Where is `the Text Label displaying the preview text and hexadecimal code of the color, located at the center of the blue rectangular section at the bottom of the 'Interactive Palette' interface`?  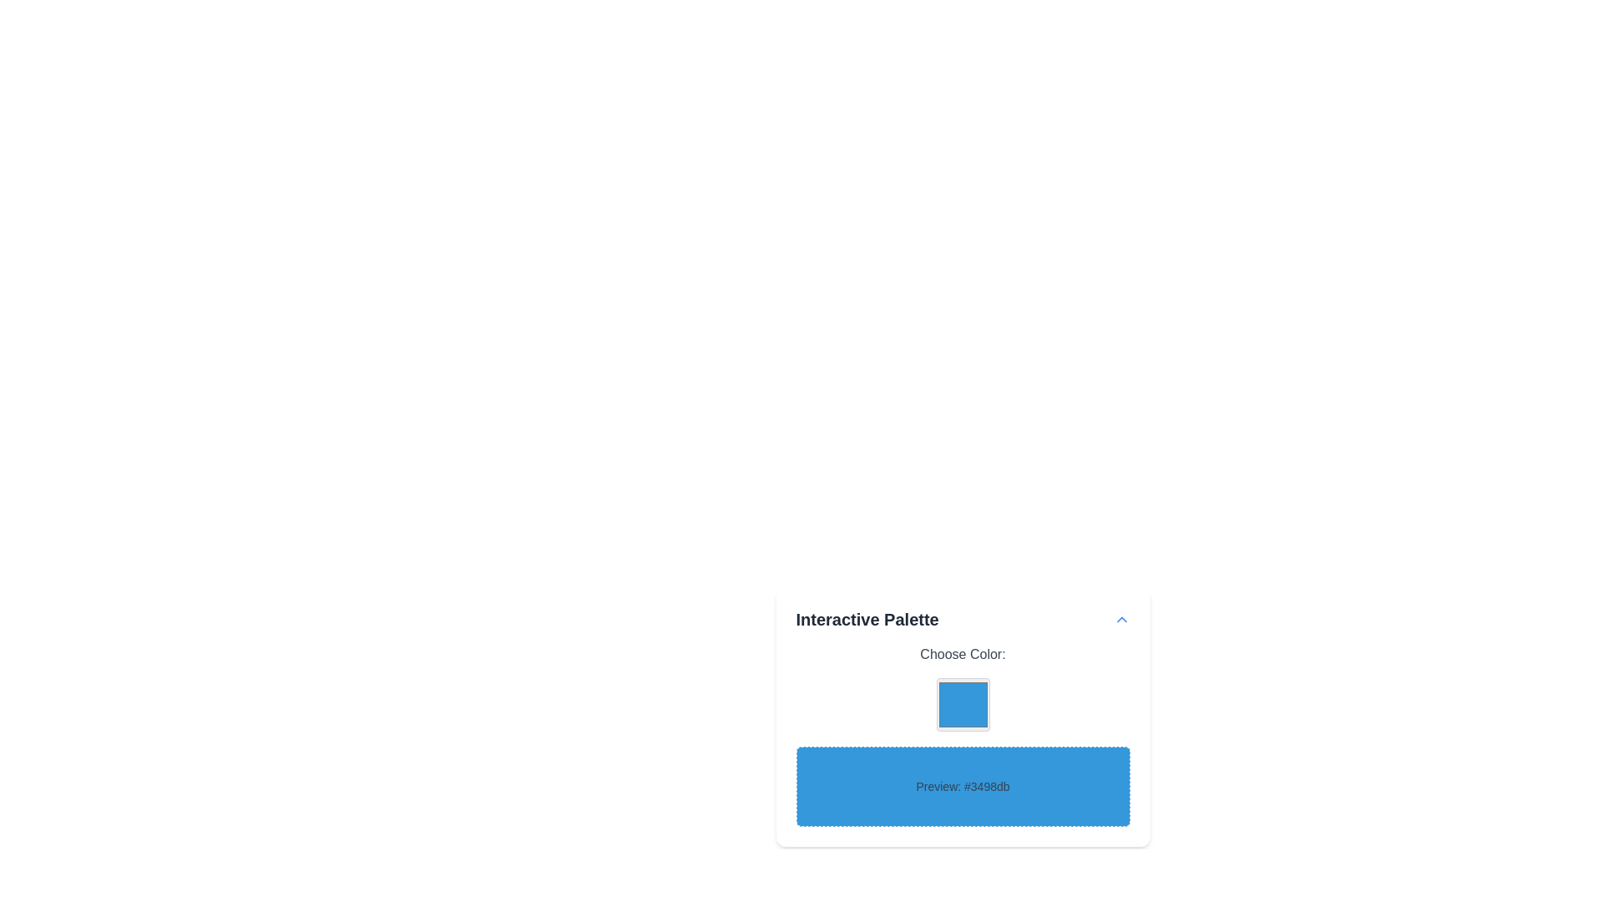
the Text Label displaying the preview text and hexadecimal code of the color, located at the center of the blue rectangular section at the bottom of the 'Interactive Palette' interface is located at coordinates (963, 786).